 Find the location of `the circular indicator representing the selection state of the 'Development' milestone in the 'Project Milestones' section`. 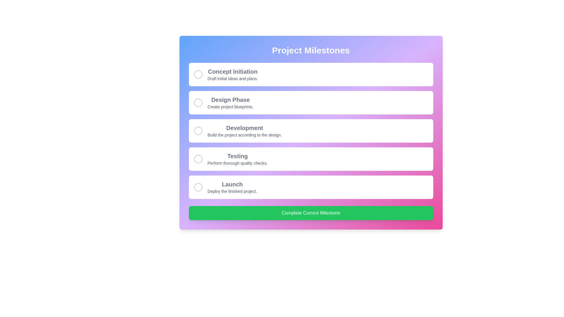

the circular indicator representing the selection state of the 'Development' milestone in the 'Project Milestones' section is located at coordinates (198, 131).